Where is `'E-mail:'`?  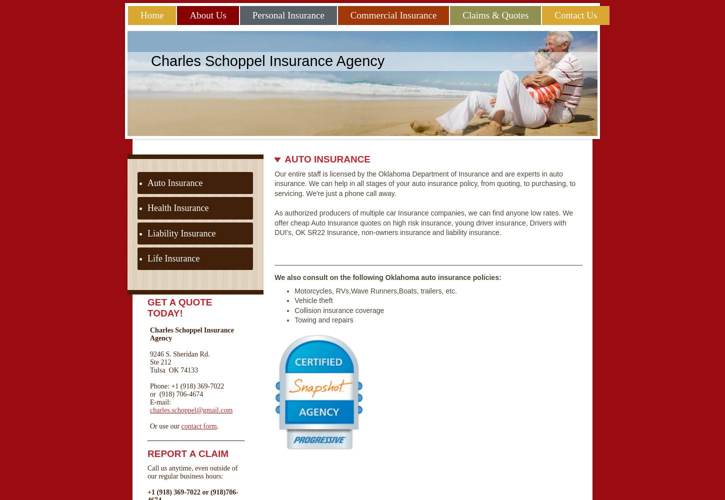 'E-mail:' is located at coordinates (160, 401).